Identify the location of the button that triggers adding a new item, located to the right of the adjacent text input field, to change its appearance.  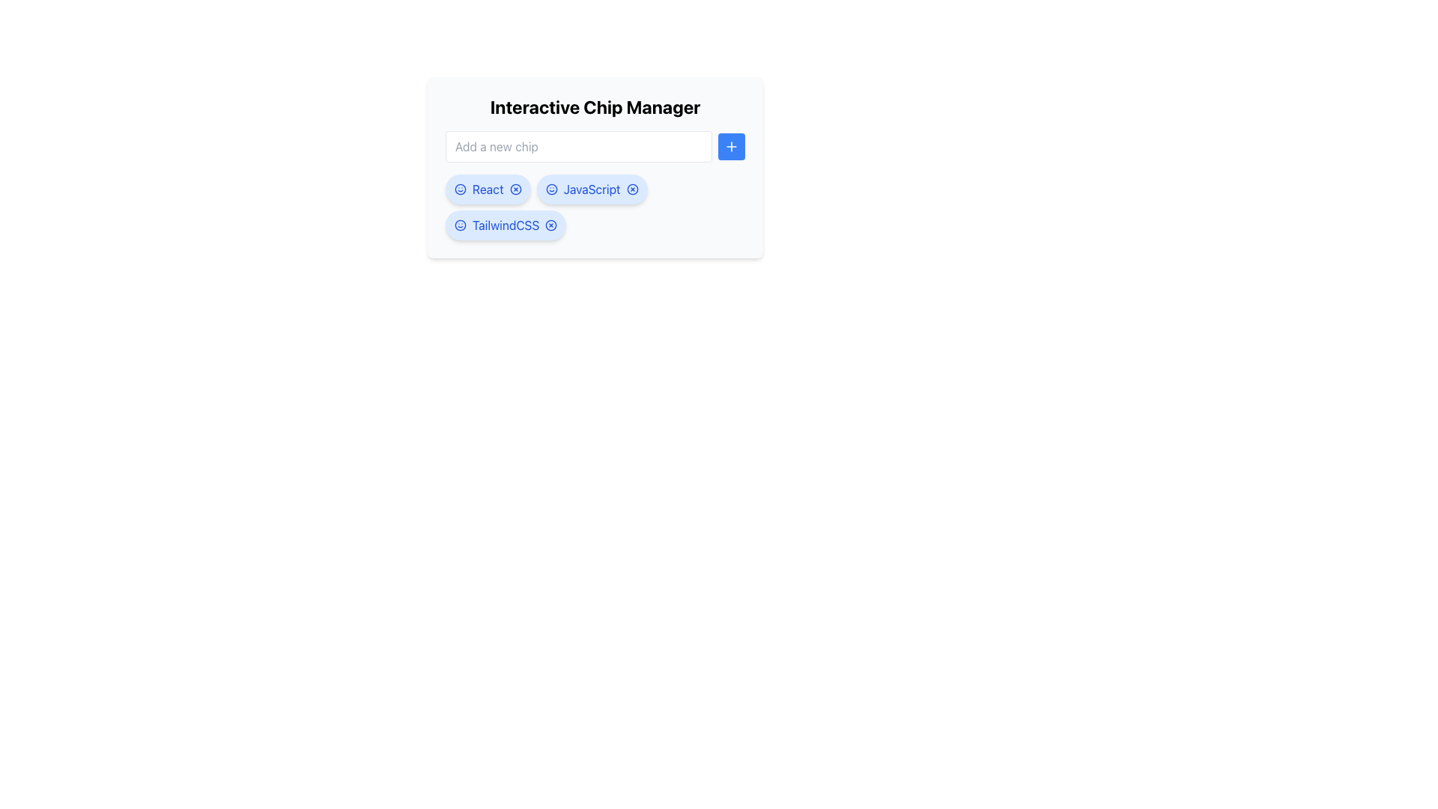
(732, 147).